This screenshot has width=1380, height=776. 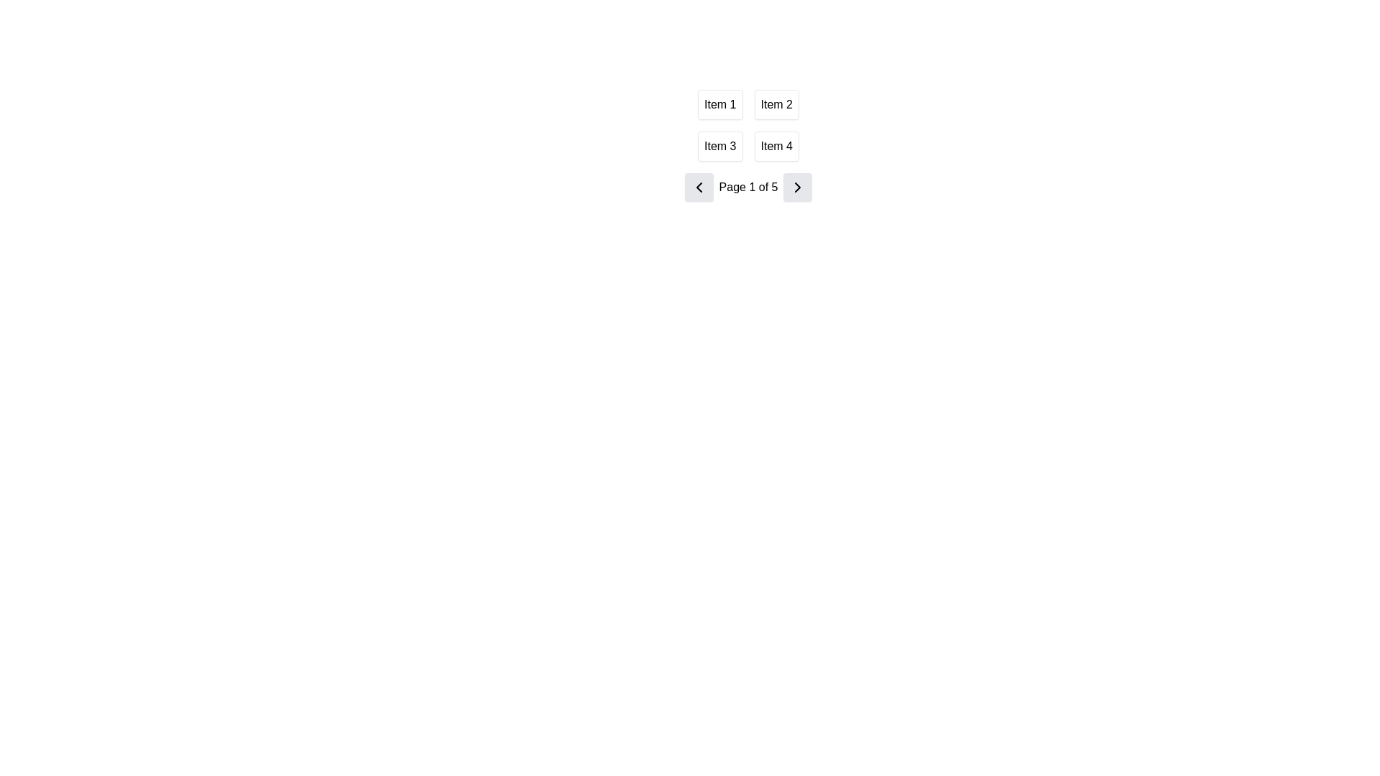 What do you see at coordinates (699, 187) in the screenshot?
I see `the 'Previous Page' button in the pagination component` at bounding box center [699, 187].